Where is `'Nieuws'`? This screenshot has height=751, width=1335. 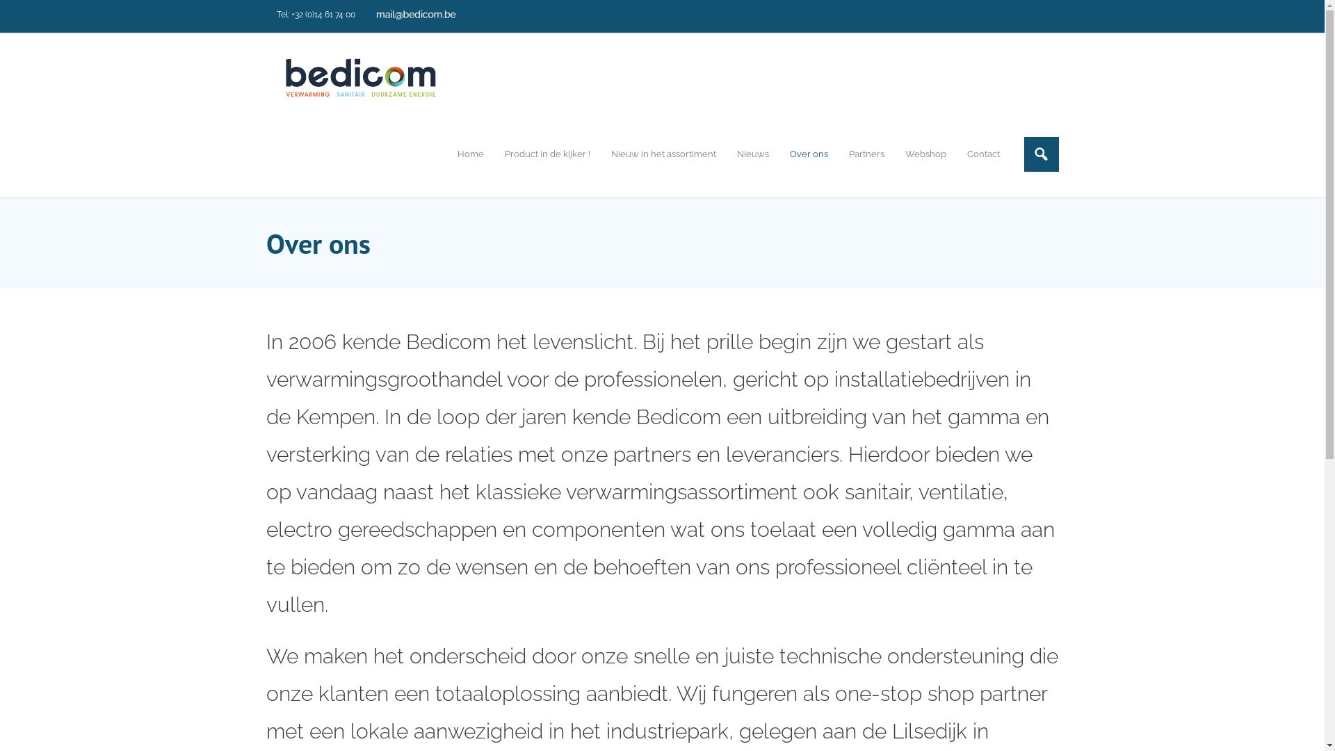
'Nieuws' is located at coordinates (751, 154).